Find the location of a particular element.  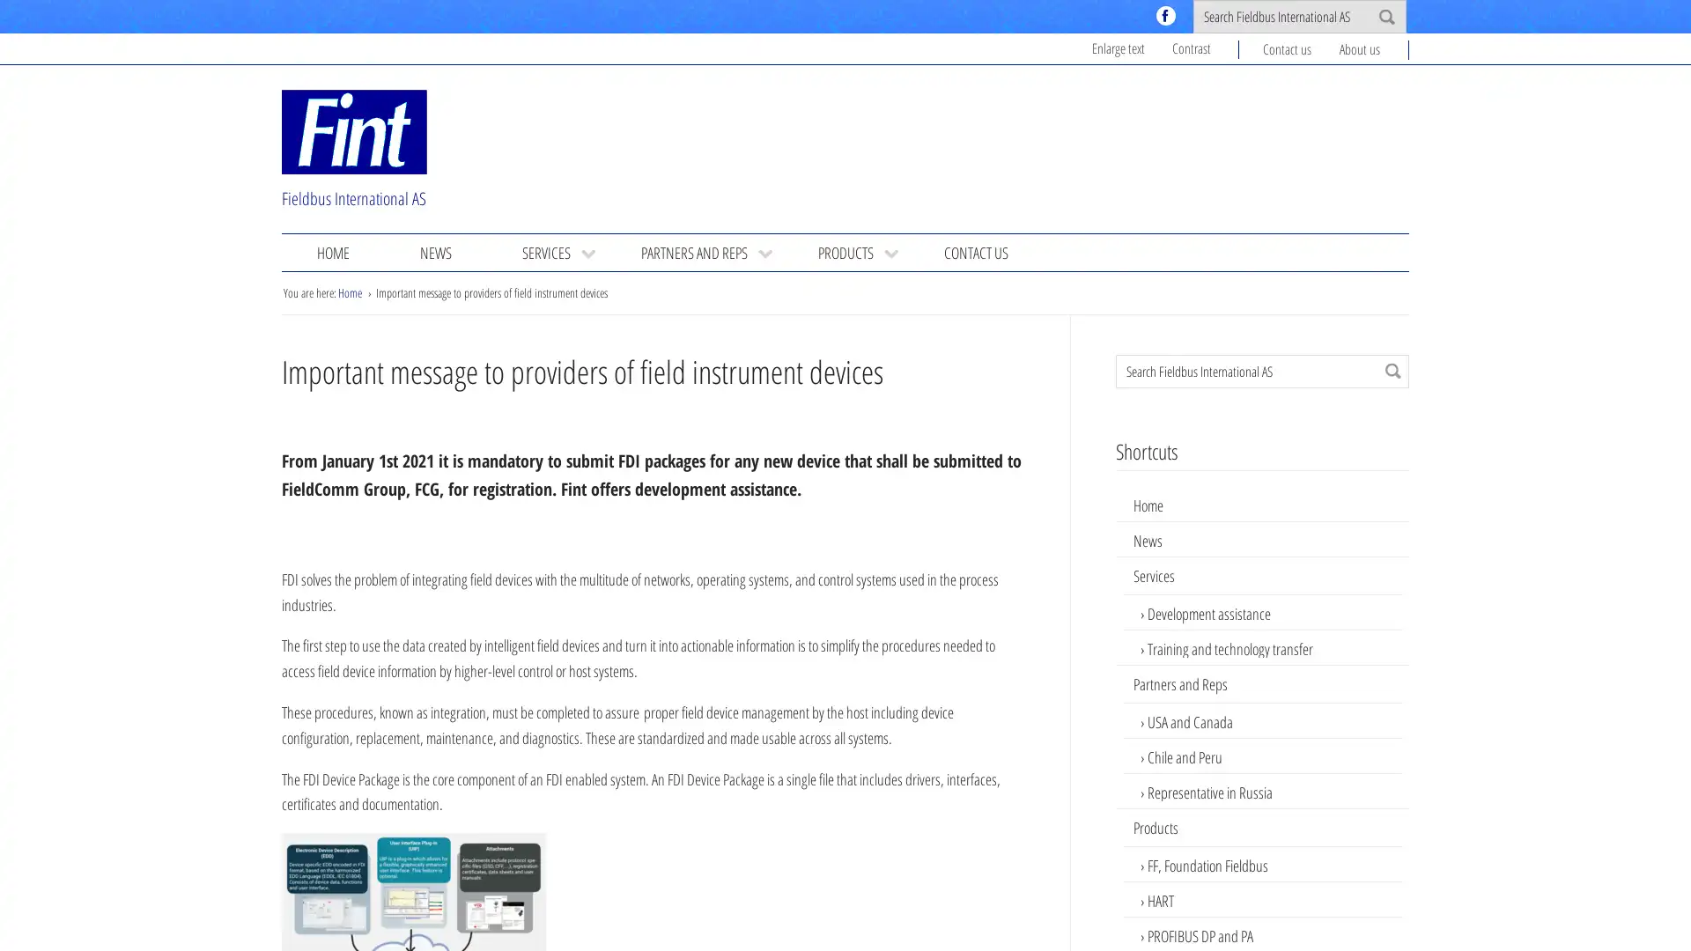

Search is located at coordinates (1392, 369).